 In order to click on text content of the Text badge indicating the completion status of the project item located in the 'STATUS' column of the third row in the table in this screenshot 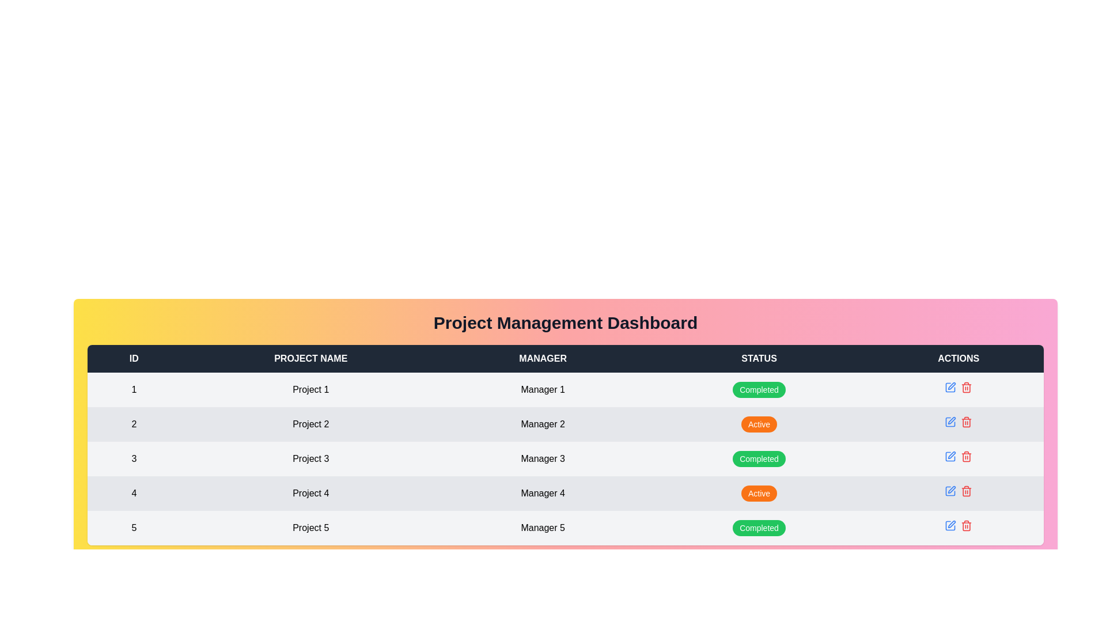, I will do `click(759, 458)`.